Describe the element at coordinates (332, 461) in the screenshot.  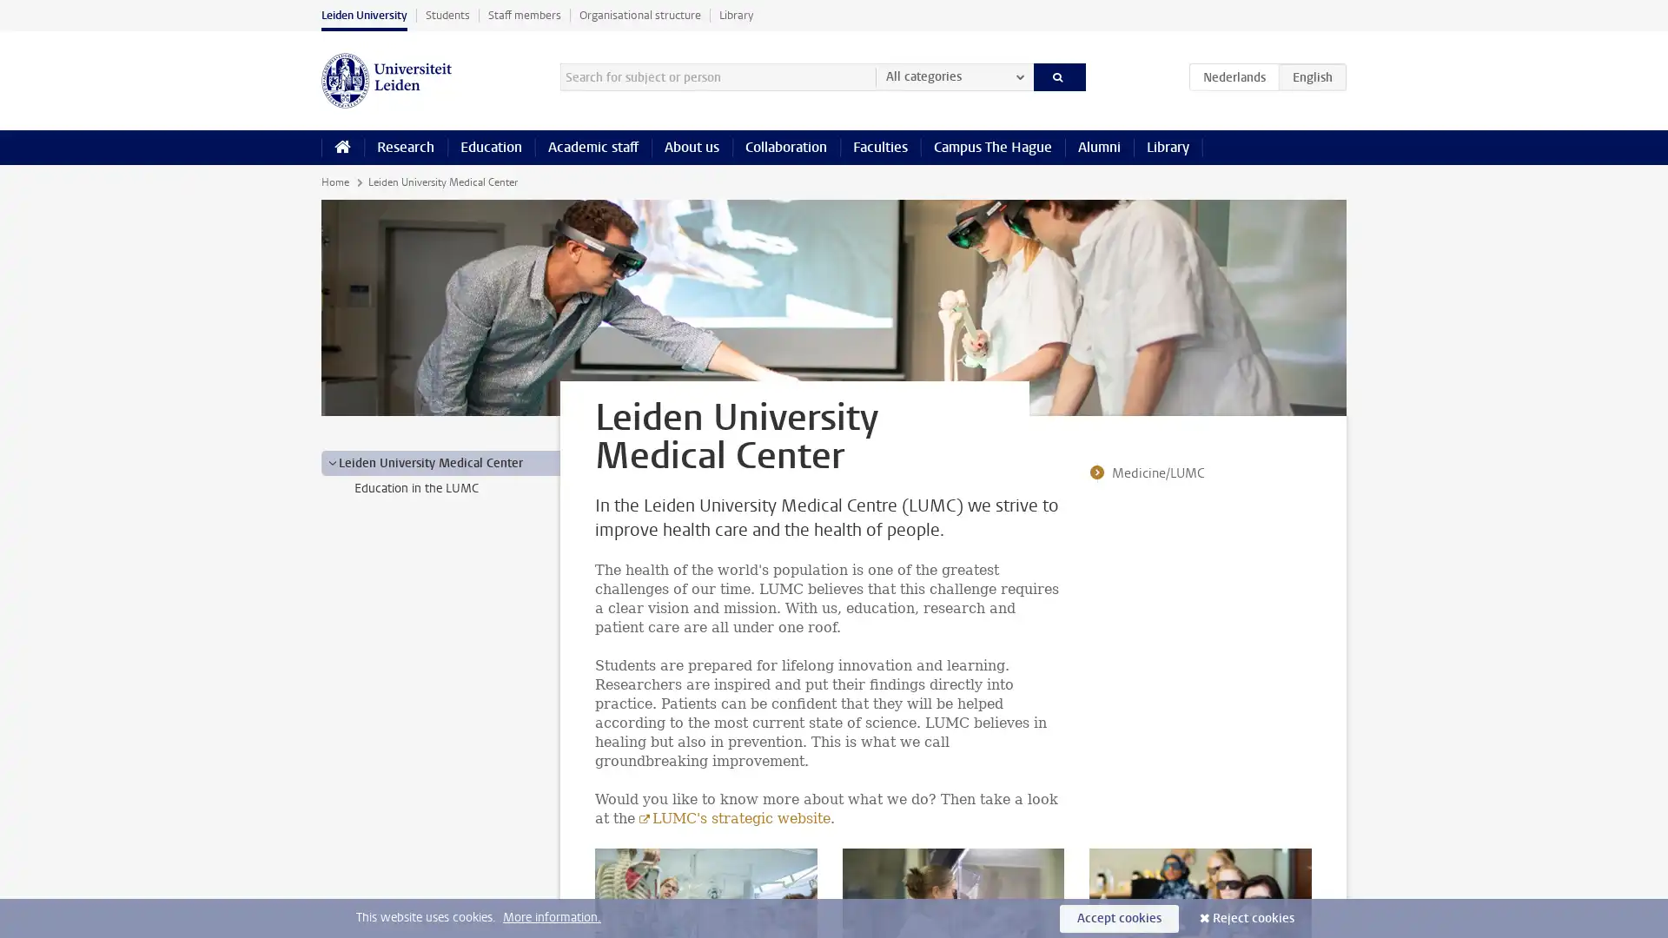
I see `>` at that location.